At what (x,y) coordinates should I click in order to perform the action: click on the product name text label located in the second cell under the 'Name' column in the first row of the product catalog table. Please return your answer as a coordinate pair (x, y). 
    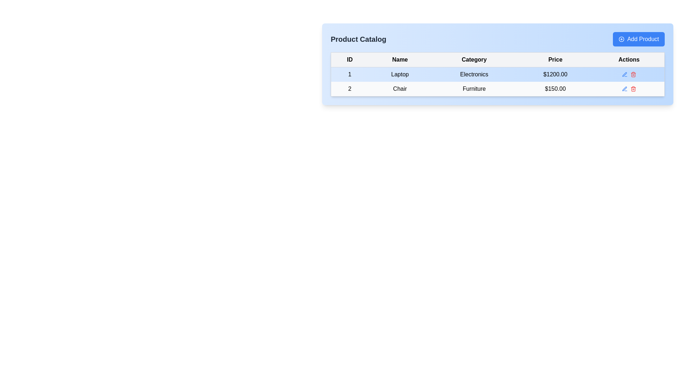
    Looking at the image, I should click on (399, 74).